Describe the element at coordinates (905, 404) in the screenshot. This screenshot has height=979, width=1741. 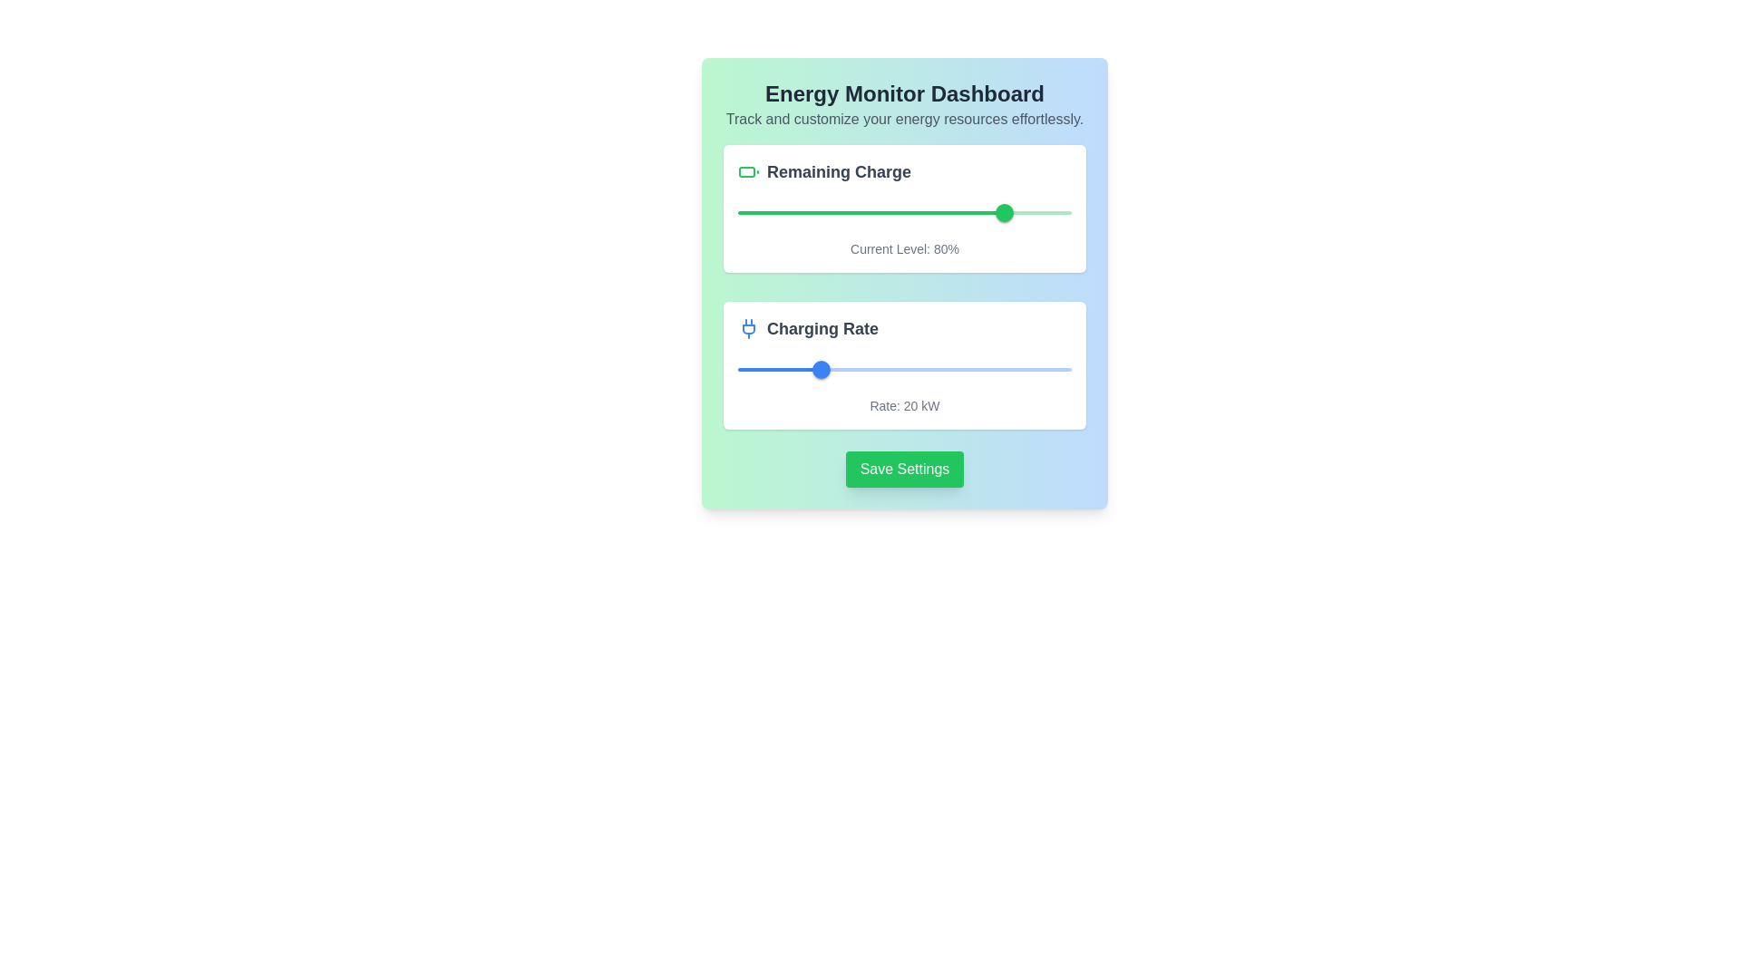
I see `static text label displaying 'Rate: 20 kW', which is styled in light gray and positioned below the blue slider labeled 'Charging Rate'` at that location.